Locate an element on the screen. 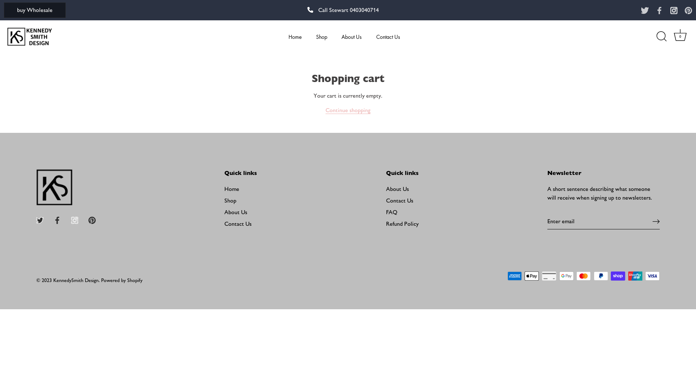 This screenshot has height=392, width=696. 'Refund Policy' is located at coordinates (386, 223).